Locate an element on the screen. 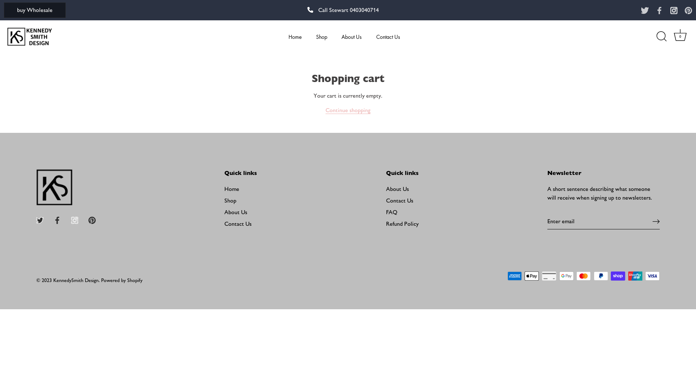 This screenshot has height=392, width=696. 'Refund Policy' is located at coordinates (386, 223).